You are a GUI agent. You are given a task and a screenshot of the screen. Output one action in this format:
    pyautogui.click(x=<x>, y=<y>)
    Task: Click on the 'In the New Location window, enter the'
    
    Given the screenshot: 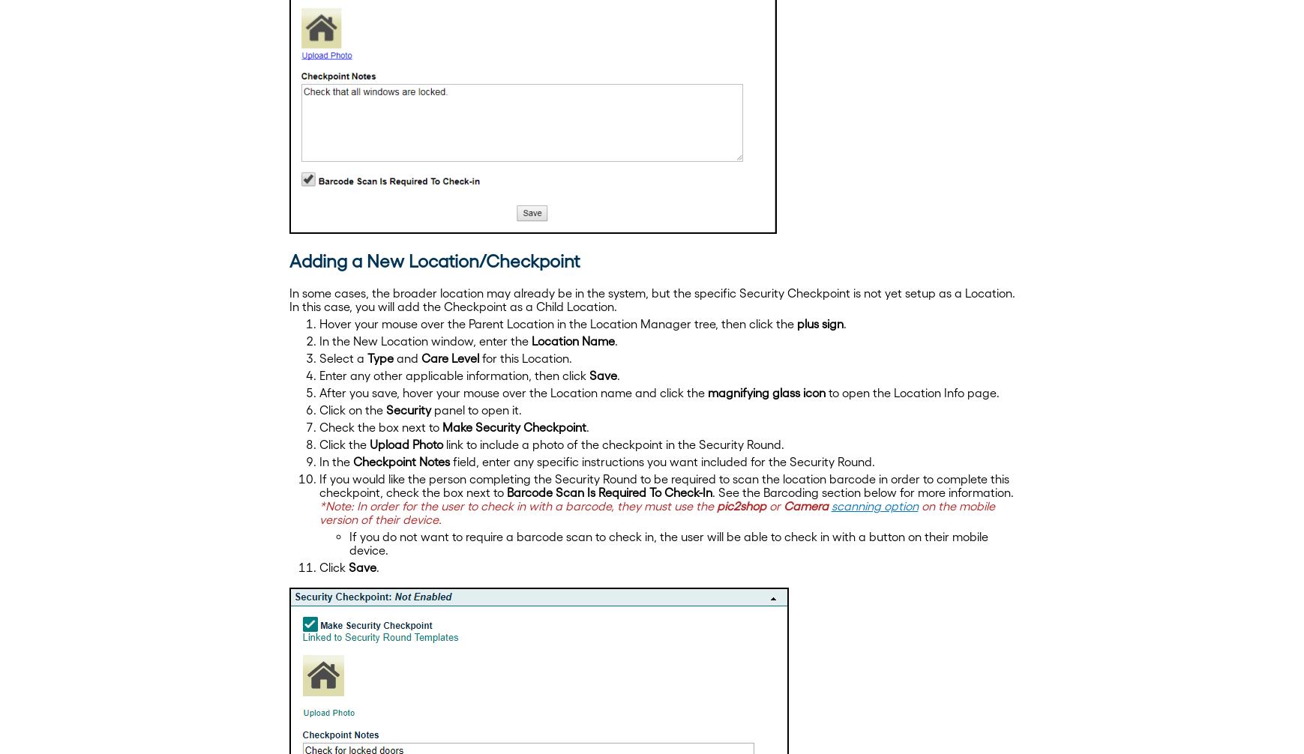 What is the action you would take?
    pyautogui.click(x=319, y=340)
    